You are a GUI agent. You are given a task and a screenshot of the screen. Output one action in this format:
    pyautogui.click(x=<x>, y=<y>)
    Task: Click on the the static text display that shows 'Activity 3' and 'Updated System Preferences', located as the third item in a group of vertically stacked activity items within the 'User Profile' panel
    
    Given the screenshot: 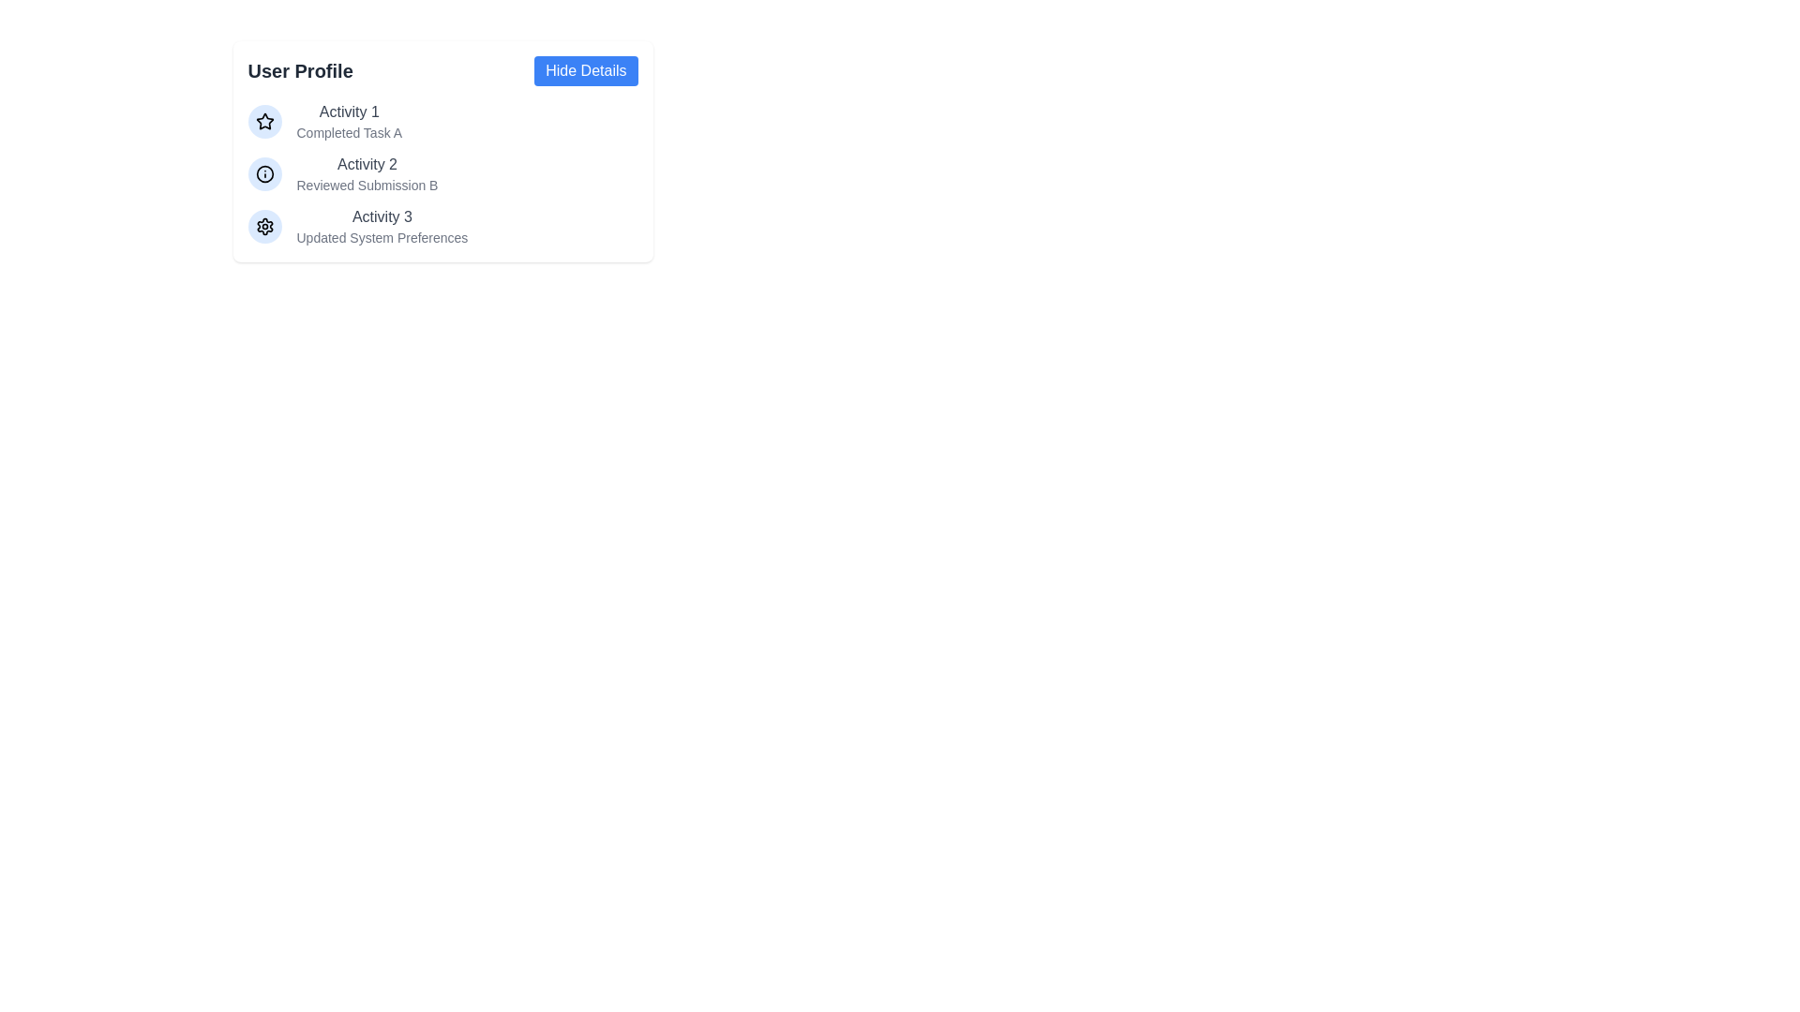 What is the action you would take?
    pyautogui.click(x=382, y=226)
    